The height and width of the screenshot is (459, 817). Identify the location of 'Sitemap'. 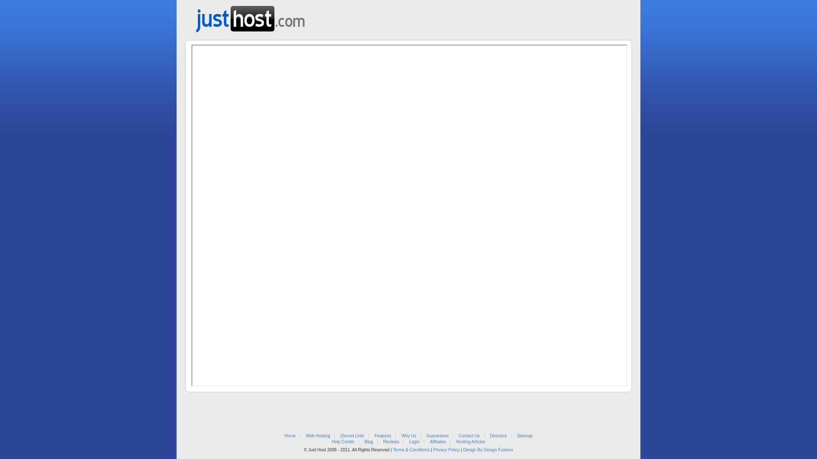
(516, 436).